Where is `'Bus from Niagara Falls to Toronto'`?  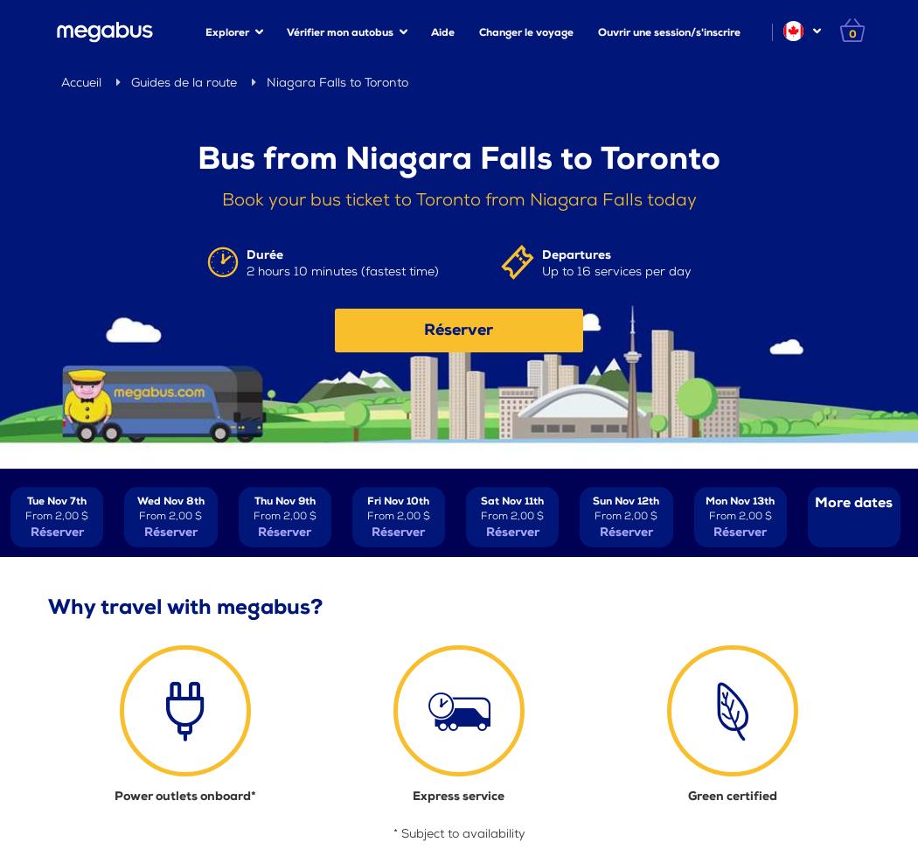 'Bus from Niagara Falls to Toronto' is located at coordinates (459, 158).